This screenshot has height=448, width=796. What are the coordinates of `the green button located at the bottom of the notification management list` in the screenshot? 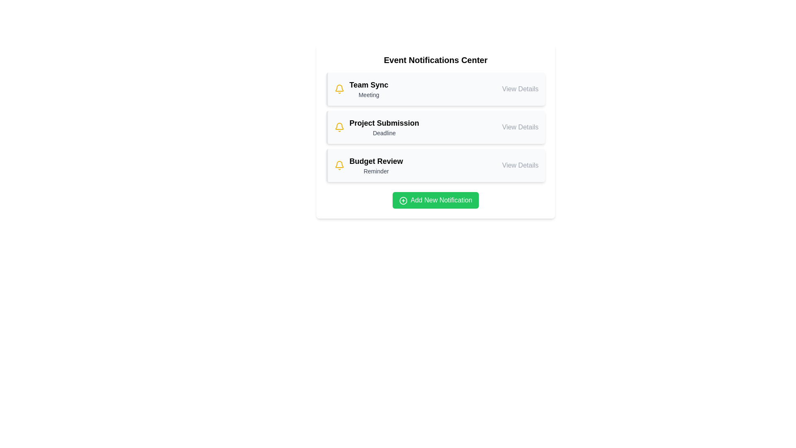 It's located at (435, 198).